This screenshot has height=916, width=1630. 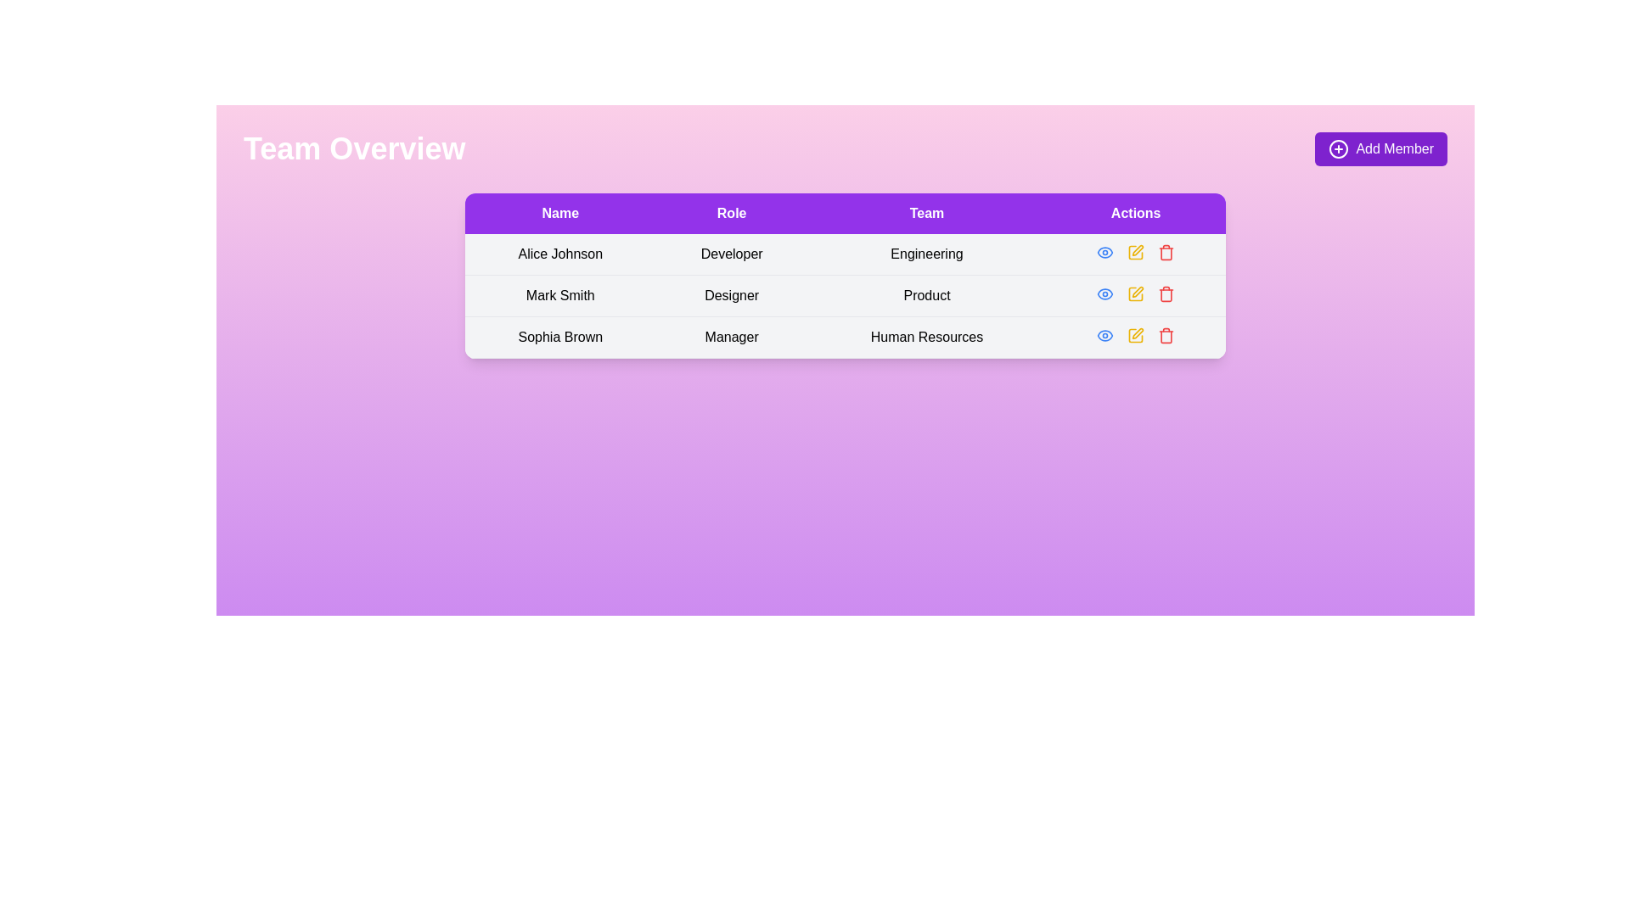 What do you see at coordinates (1136, 336) in the screenshot?
I see `the Icon button in the 'Actions' column associated with Human Resources` at bounding box center [1136, 336].